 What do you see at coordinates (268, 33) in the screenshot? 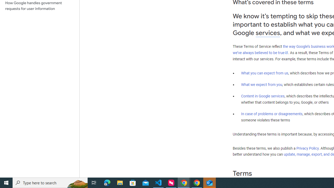
I see `'services'` at bounding box center [268, 33].